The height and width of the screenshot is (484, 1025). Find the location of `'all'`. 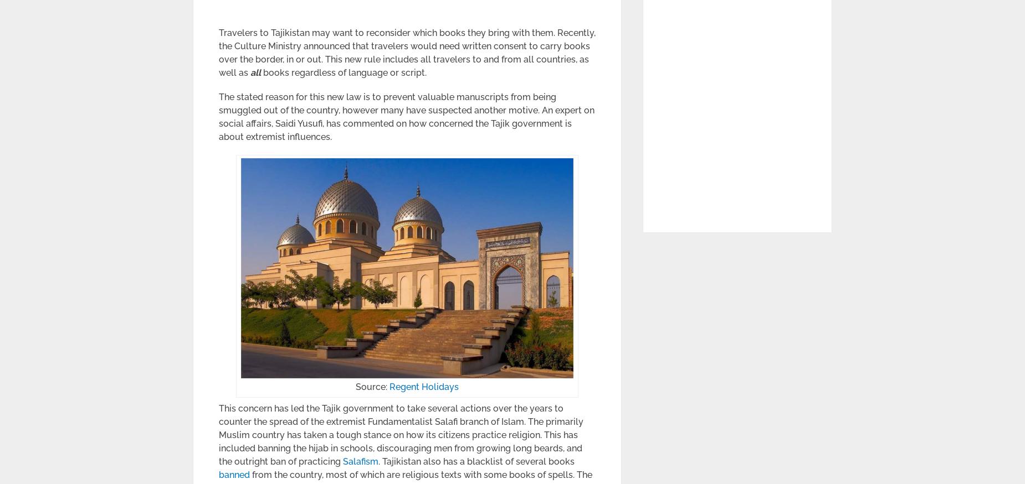

'all' is located at coordinates (255, 72).